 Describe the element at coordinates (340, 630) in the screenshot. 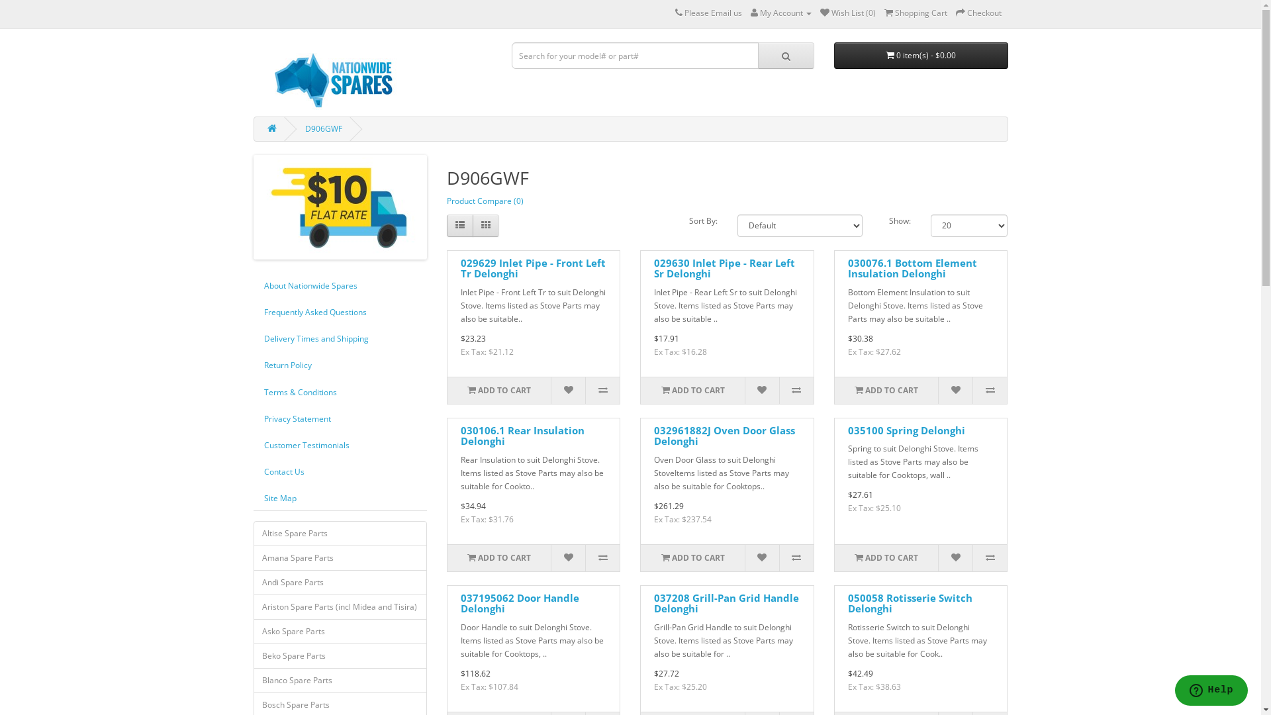

I see `'Asko Spare Parts'` at that location.